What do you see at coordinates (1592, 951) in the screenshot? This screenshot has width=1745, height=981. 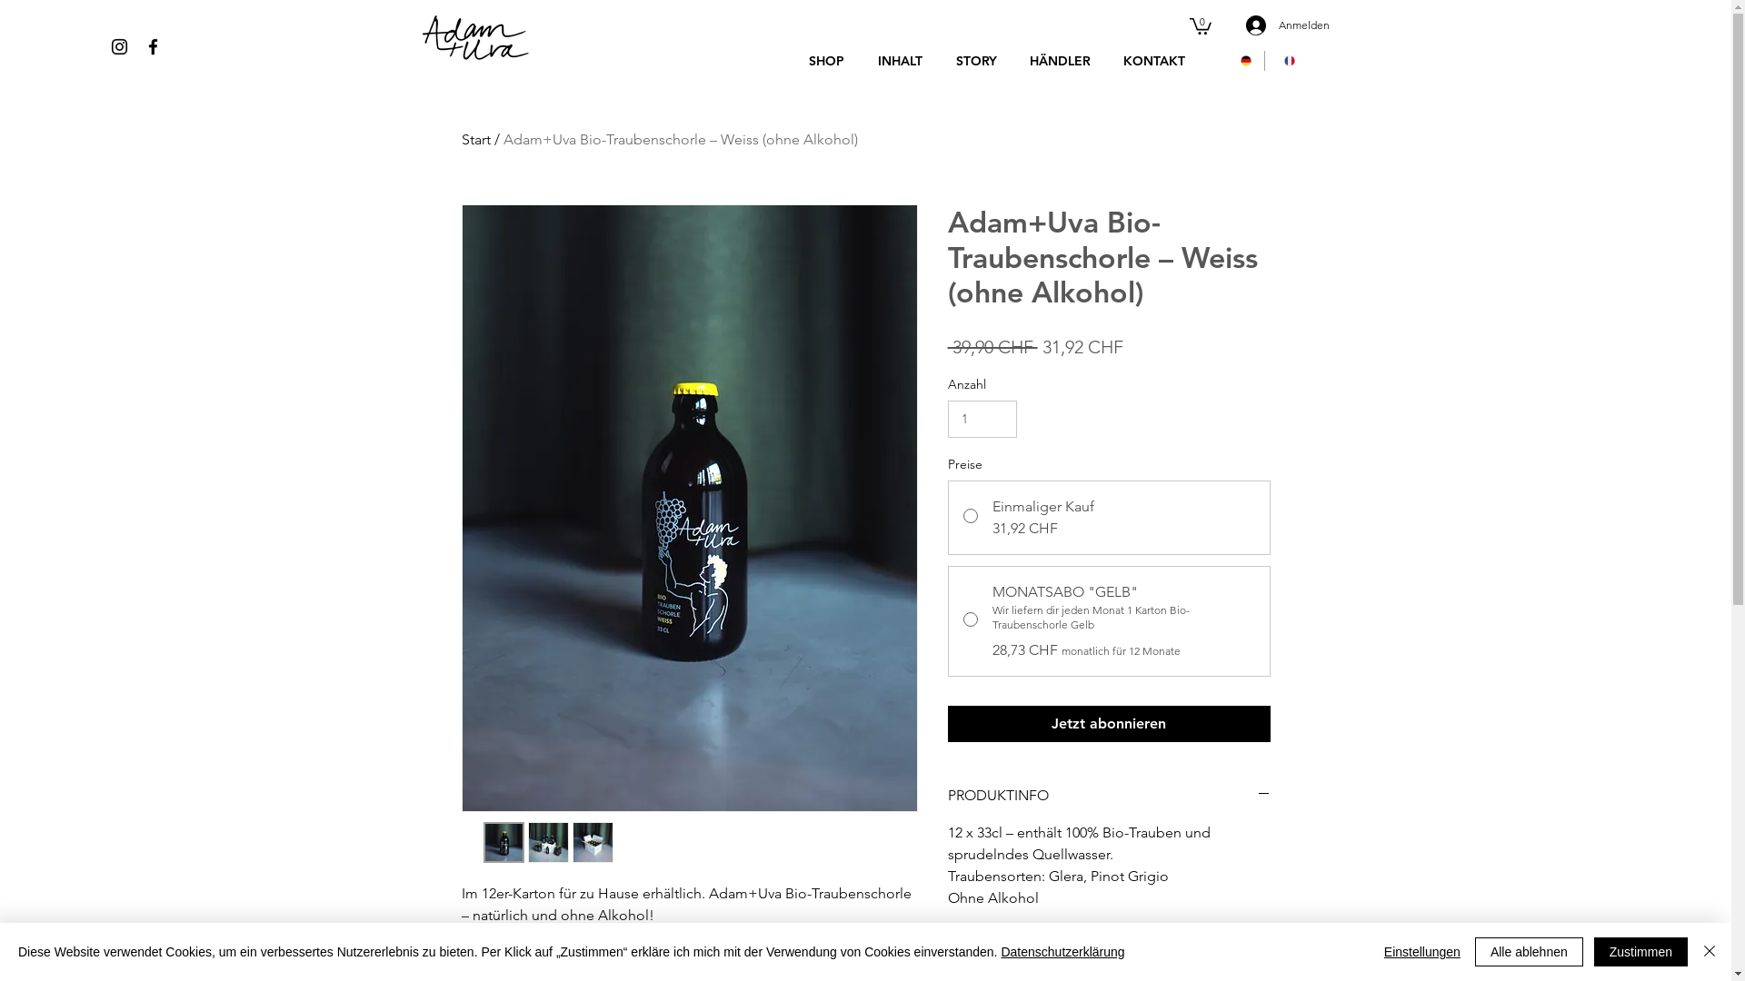 I see `'Zustimmen'` at bounding box center [1592, 951].